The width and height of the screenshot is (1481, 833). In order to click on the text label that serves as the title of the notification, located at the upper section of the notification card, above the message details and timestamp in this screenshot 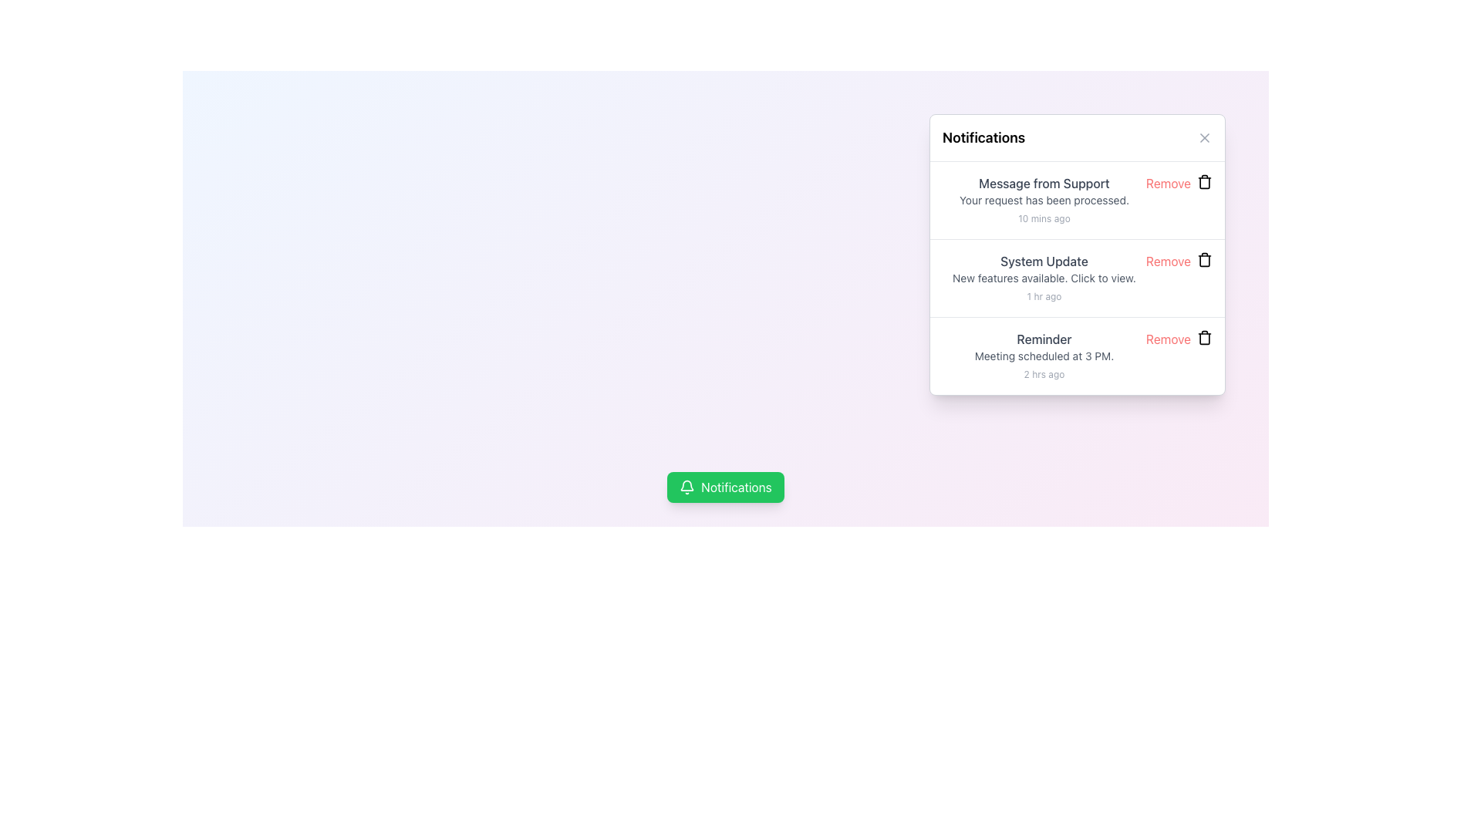, I will do `click(1044, 183)`.